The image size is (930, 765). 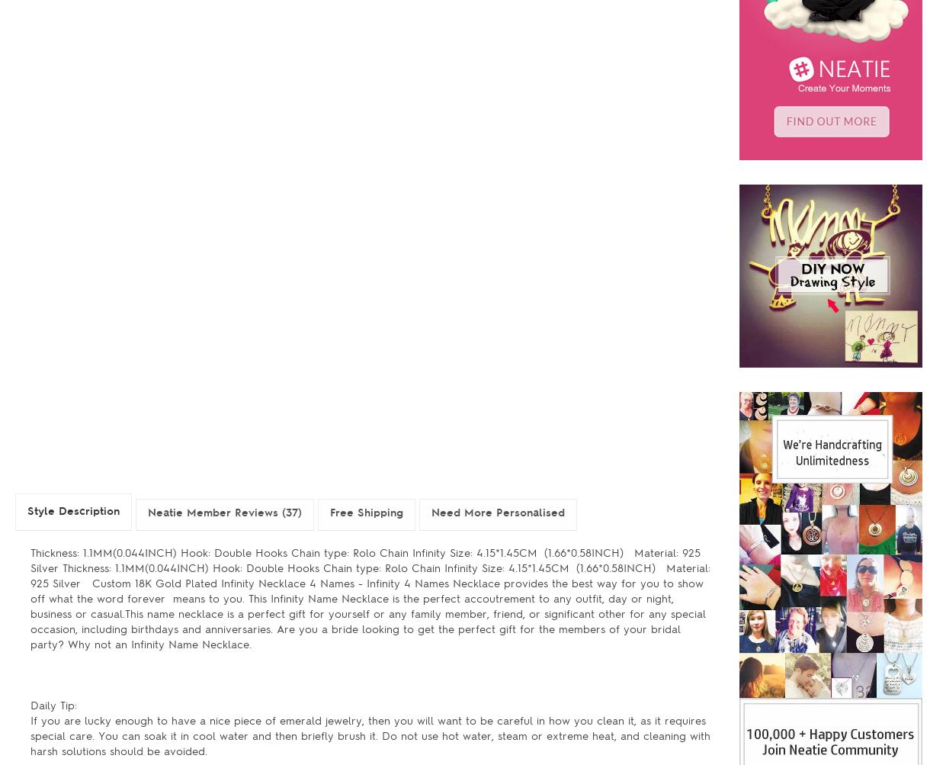 I want to click on 'Need More Personalised', so click(x=498, y=513).